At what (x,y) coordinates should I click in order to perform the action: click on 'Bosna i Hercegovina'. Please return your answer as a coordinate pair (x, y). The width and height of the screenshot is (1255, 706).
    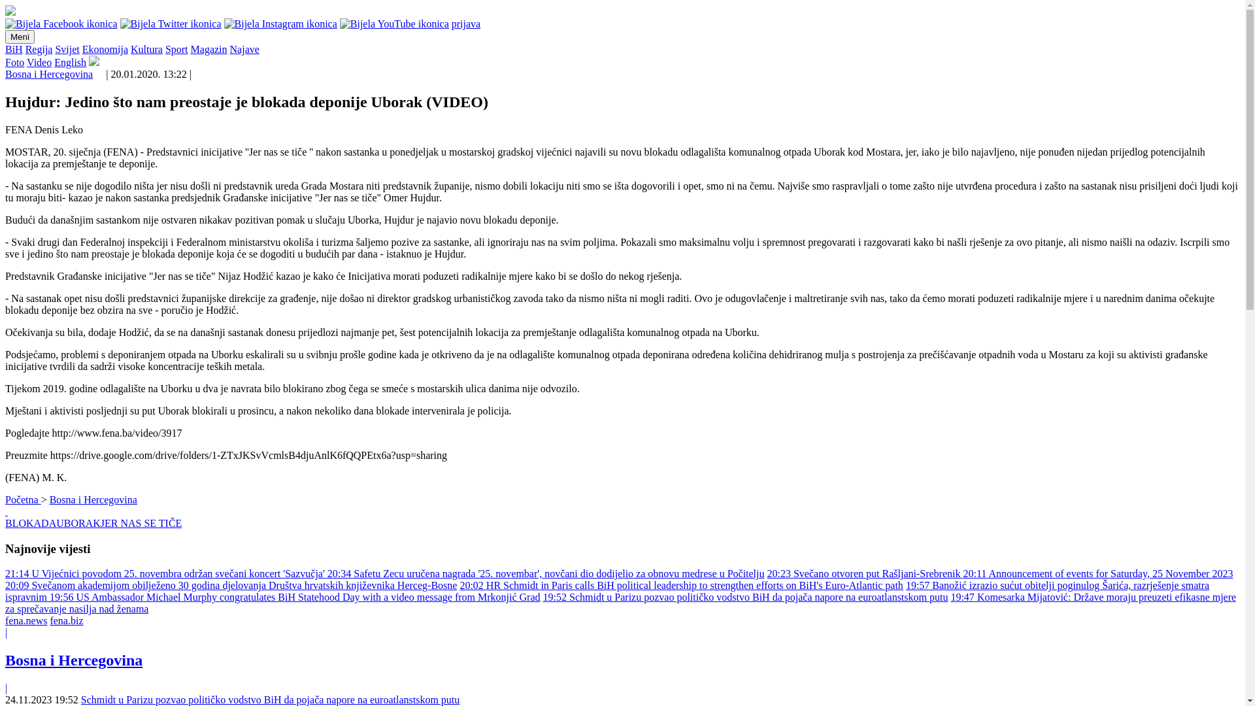
    Looking at the image, I should click on (49, 74).